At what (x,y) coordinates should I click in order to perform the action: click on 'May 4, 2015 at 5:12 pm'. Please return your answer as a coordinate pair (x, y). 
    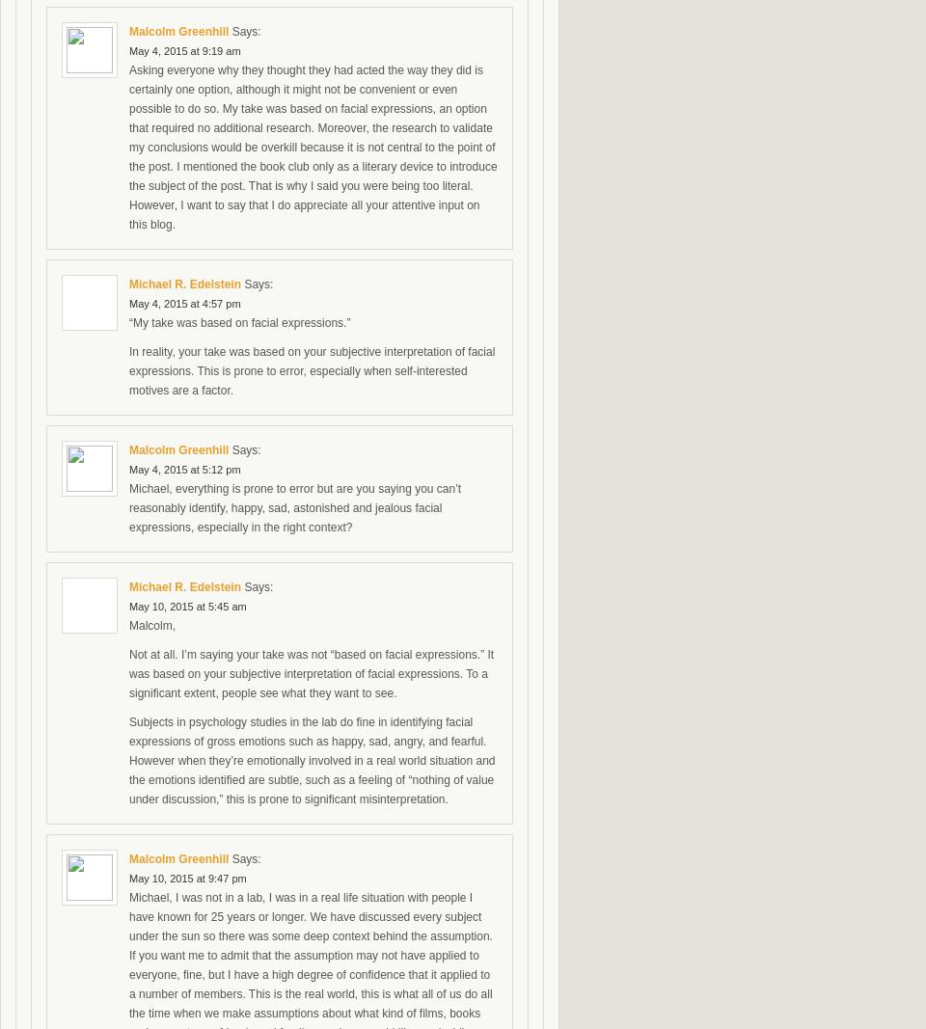
    Looking at the image, I should click on (184, 468).